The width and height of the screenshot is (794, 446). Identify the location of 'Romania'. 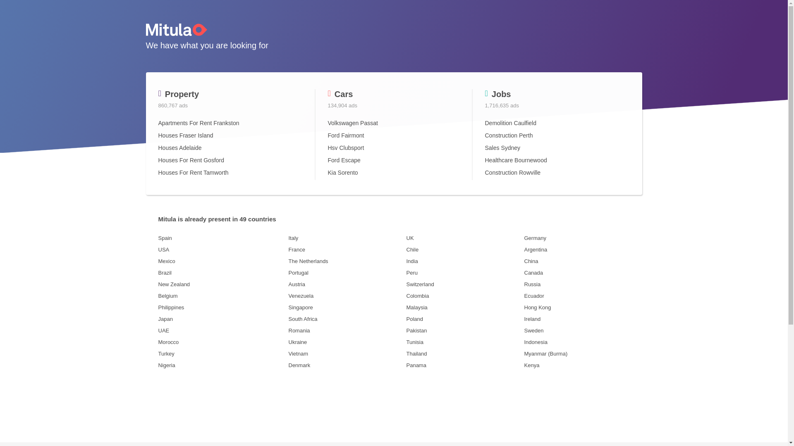
(341, 330).